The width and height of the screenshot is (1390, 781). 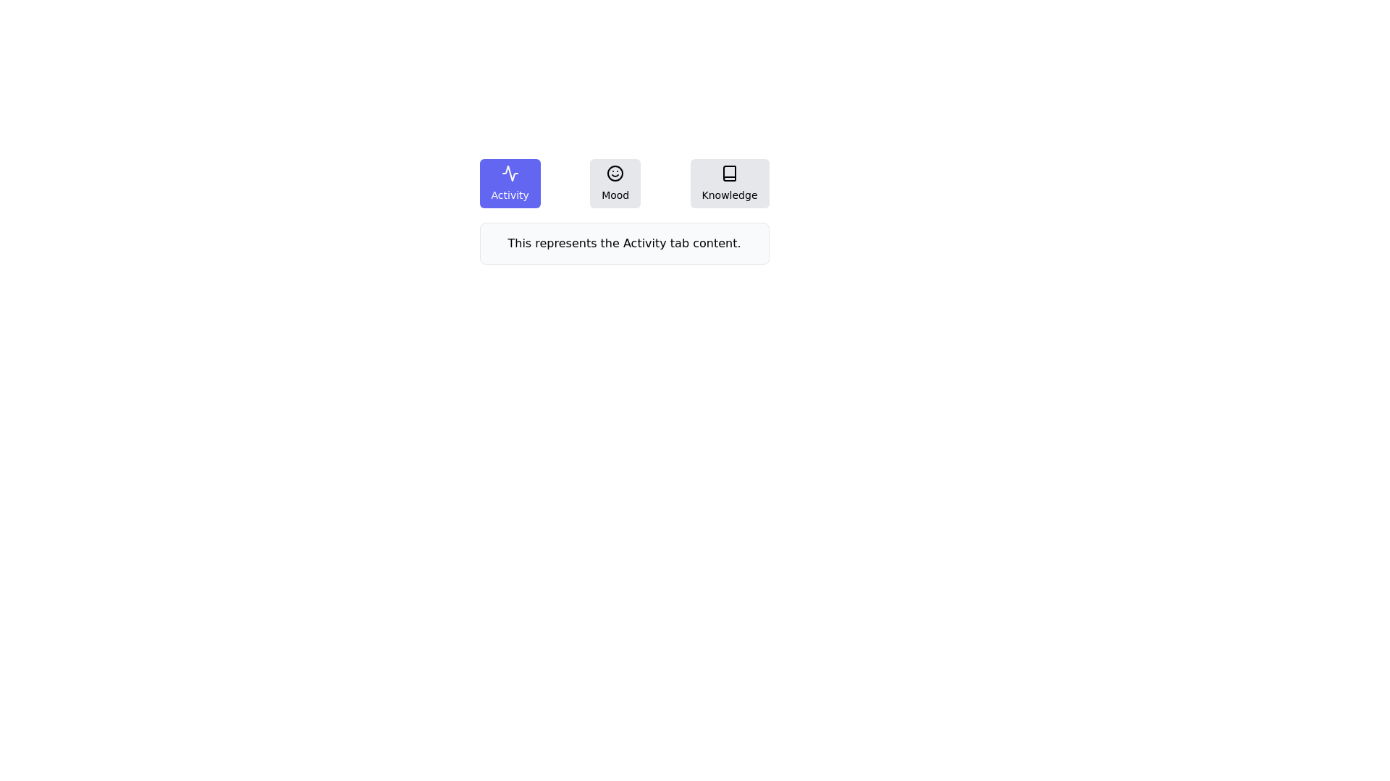 I want to click on the 'Mood' Tab button, which is the second item in a group of three buttons, to indicate selection, so click(x=615, y=183).